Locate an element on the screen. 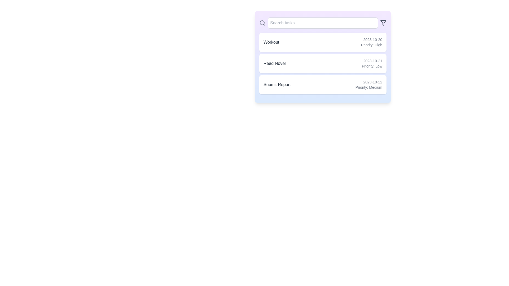  the task item Workout to observe its hover effects is located at coordinates (323, 42).